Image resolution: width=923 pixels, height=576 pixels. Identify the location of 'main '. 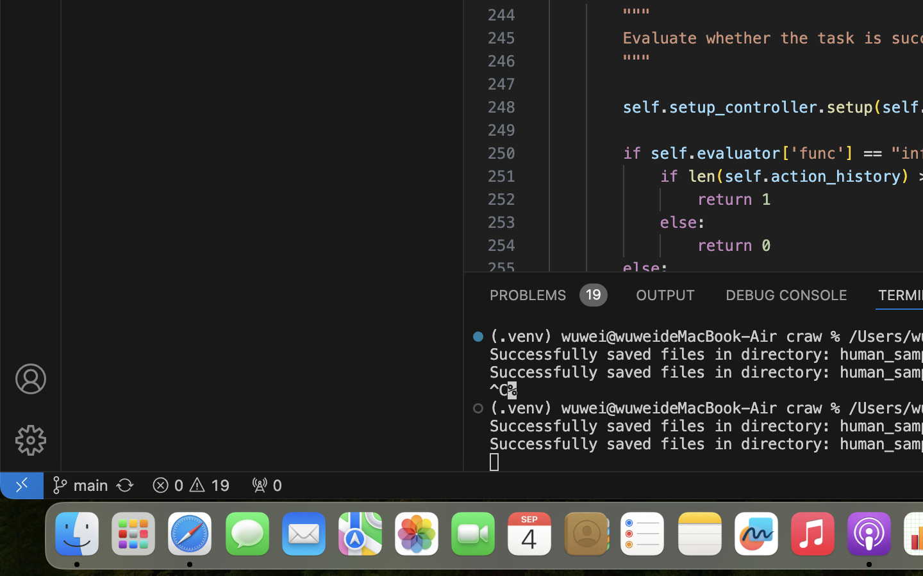
(79, 484).